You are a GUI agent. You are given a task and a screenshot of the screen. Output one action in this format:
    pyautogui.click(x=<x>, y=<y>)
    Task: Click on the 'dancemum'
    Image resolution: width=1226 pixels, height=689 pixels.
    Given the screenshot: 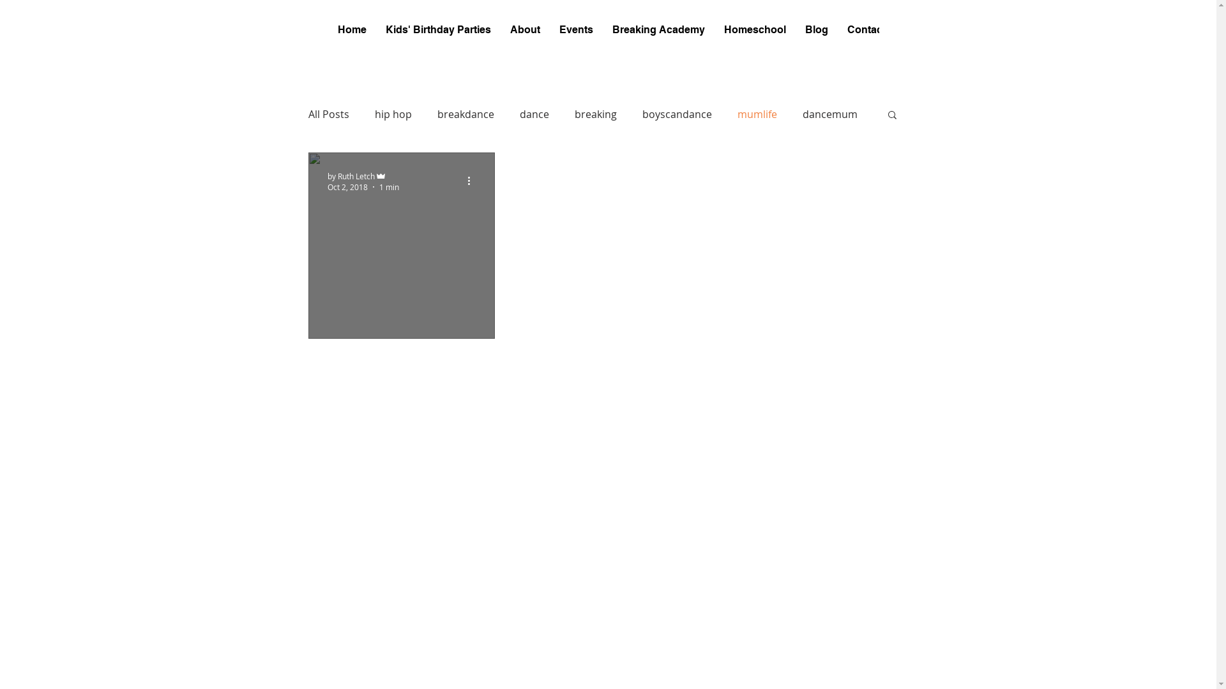 What is the action you would take?
    pyautogui.click(x=829, y=113)
    